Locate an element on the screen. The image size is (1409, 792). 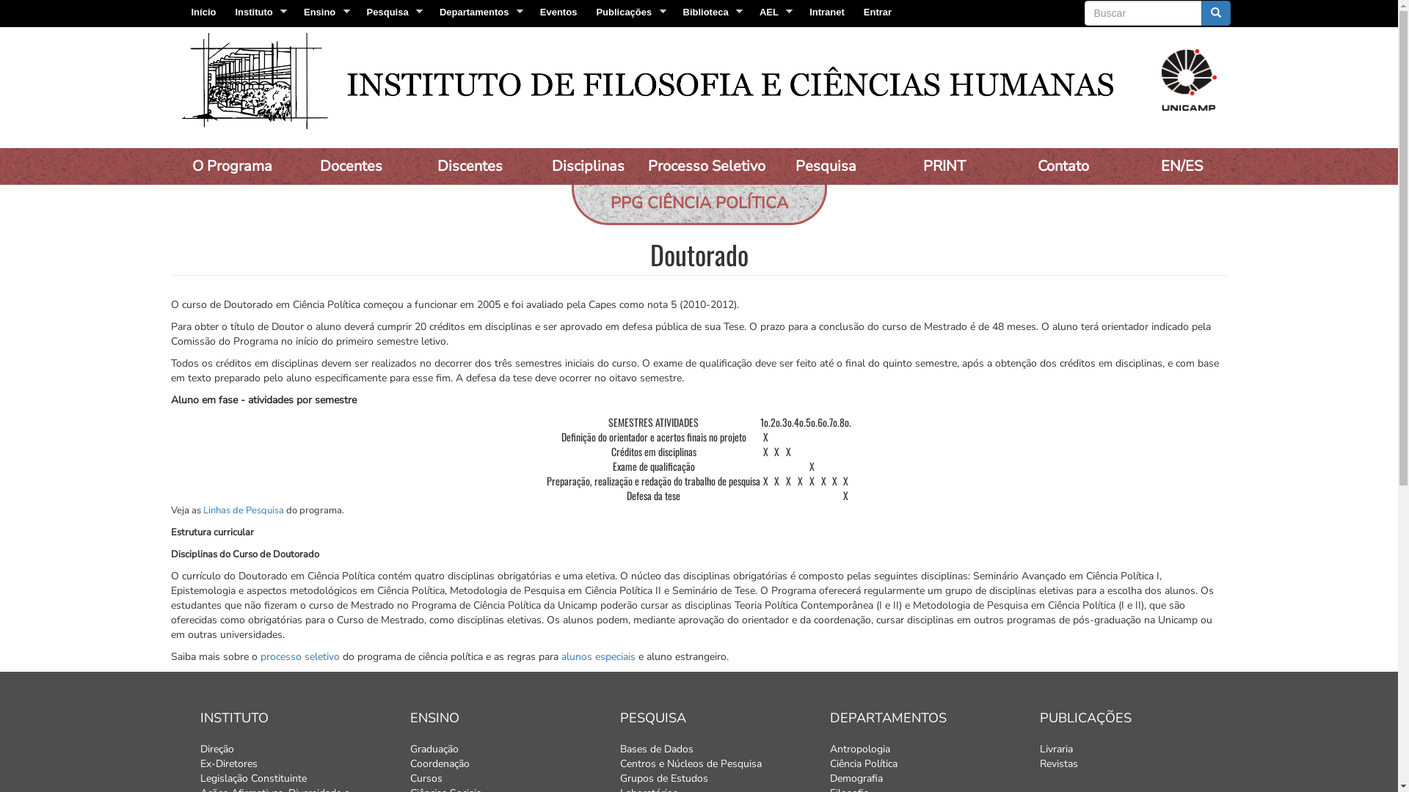
'Bases de Dados' is located at coordinates (619, 749).